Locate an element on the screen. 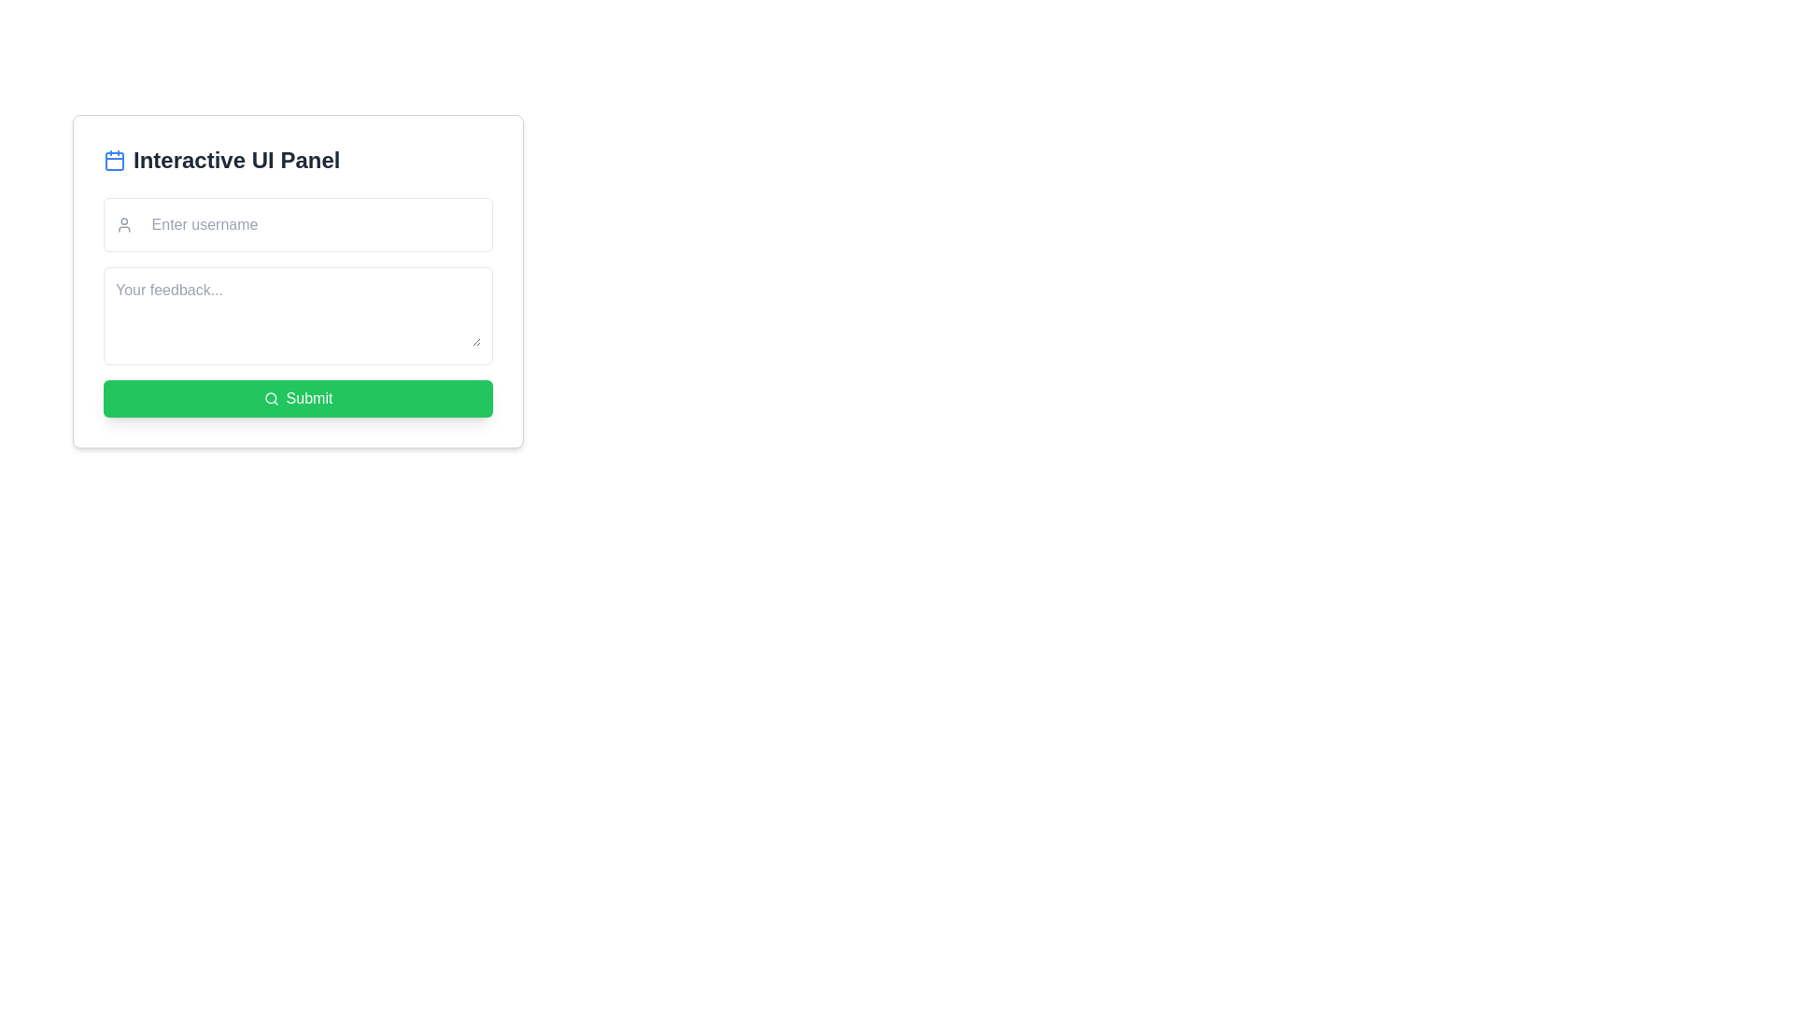  the small rectangle with rounded corners located inside the calendar icon, specifically in the lower portion of the icon is located at coordinates (114, 161).